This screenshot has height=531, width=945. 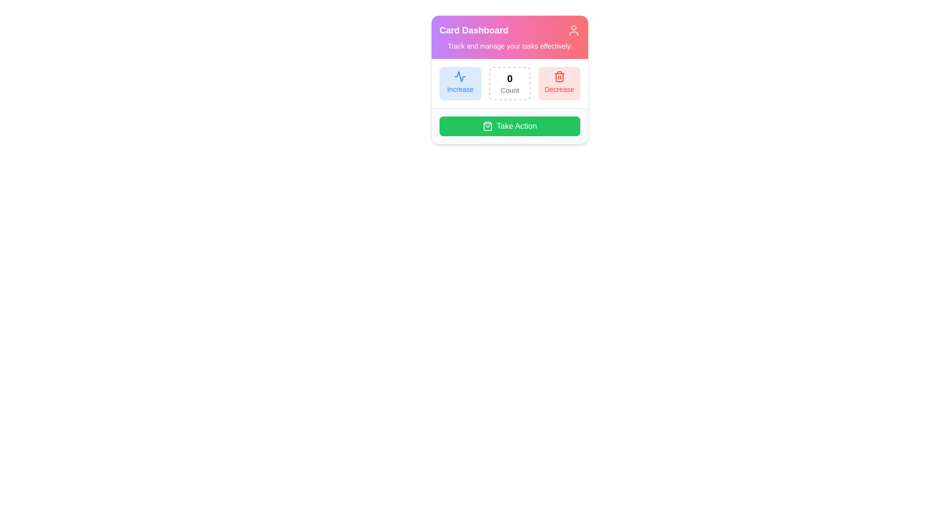 I want to click on text label that describes the action of decreasing a value, located below the trash can icon within the red 'Decrease' button, so click(x=559, y=89).